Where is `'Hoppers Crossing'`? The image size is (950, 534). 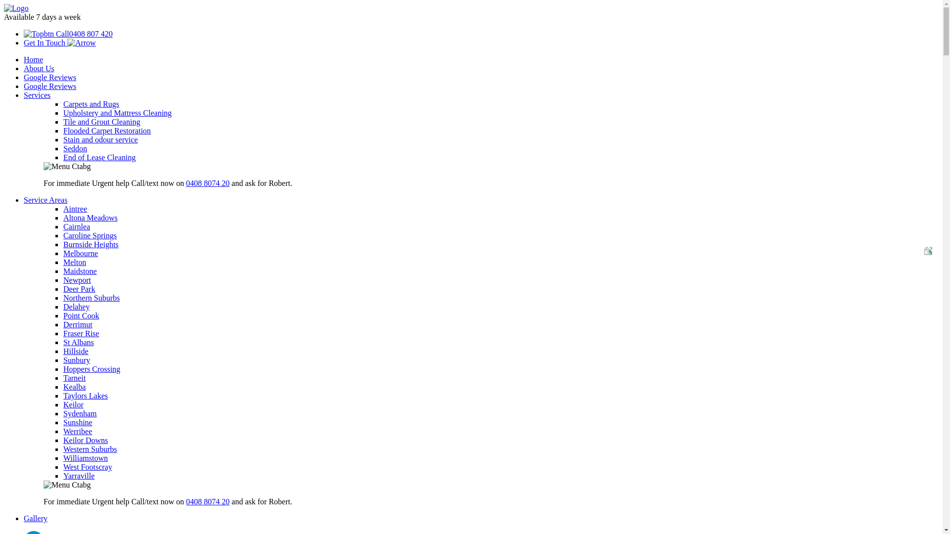 'Hoppers Crossing' is located at coordinates (92, 369).